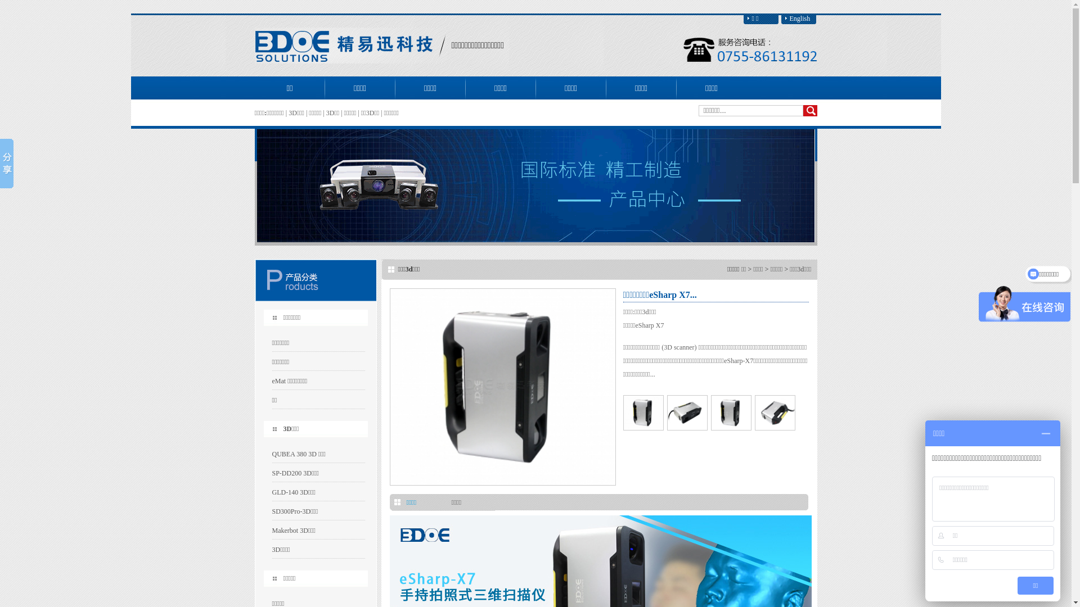 This screenshot has width=1080, height=607. Describe the element at coordinates (798, 19) in the screenshot. I see `'English'` at that location.